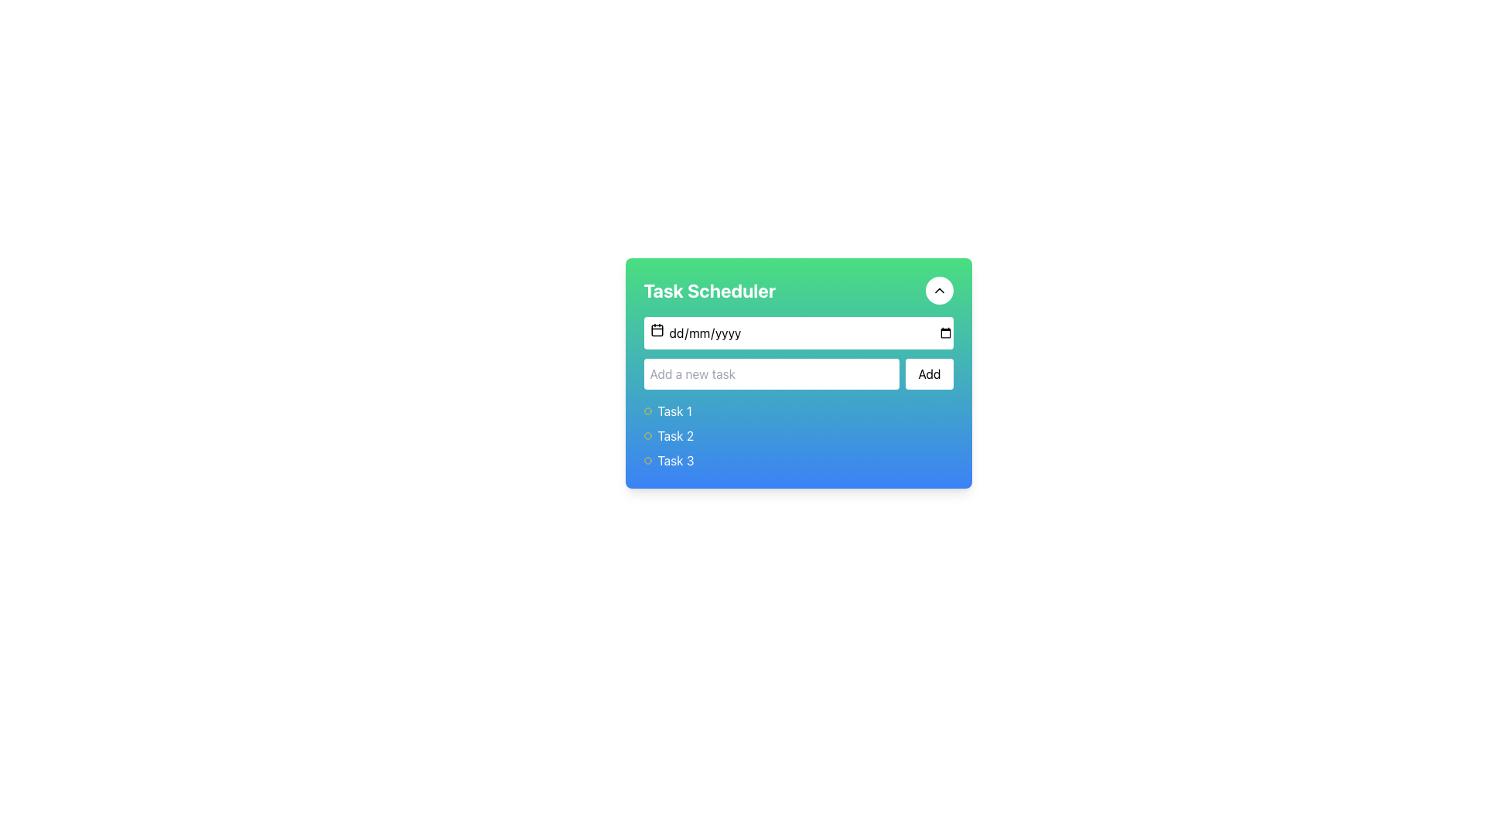  I want to click on the small, rounded rectangle within the calendar icon in the task scheduler, located slightly below and to the center of the icon's boundary, so click(657, 329).